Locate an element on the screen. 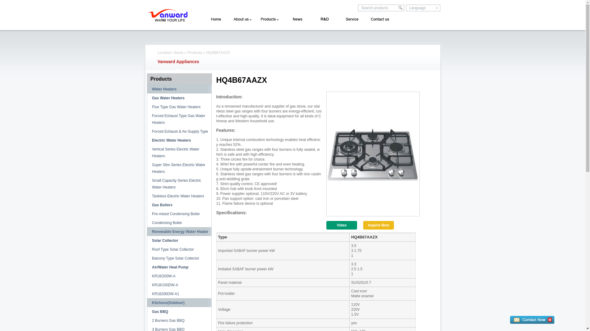 The image size is (590, 331). 'Balcony Type Solar Collector' is located at coordinates (179, 258).